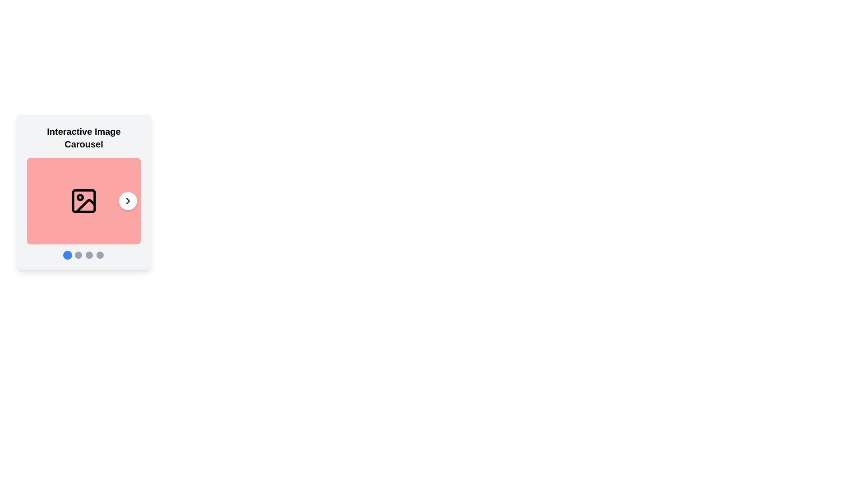  I want to click on the right arrow chevron icon within the button in the image carousel for visual feedback, so click(127, 201).